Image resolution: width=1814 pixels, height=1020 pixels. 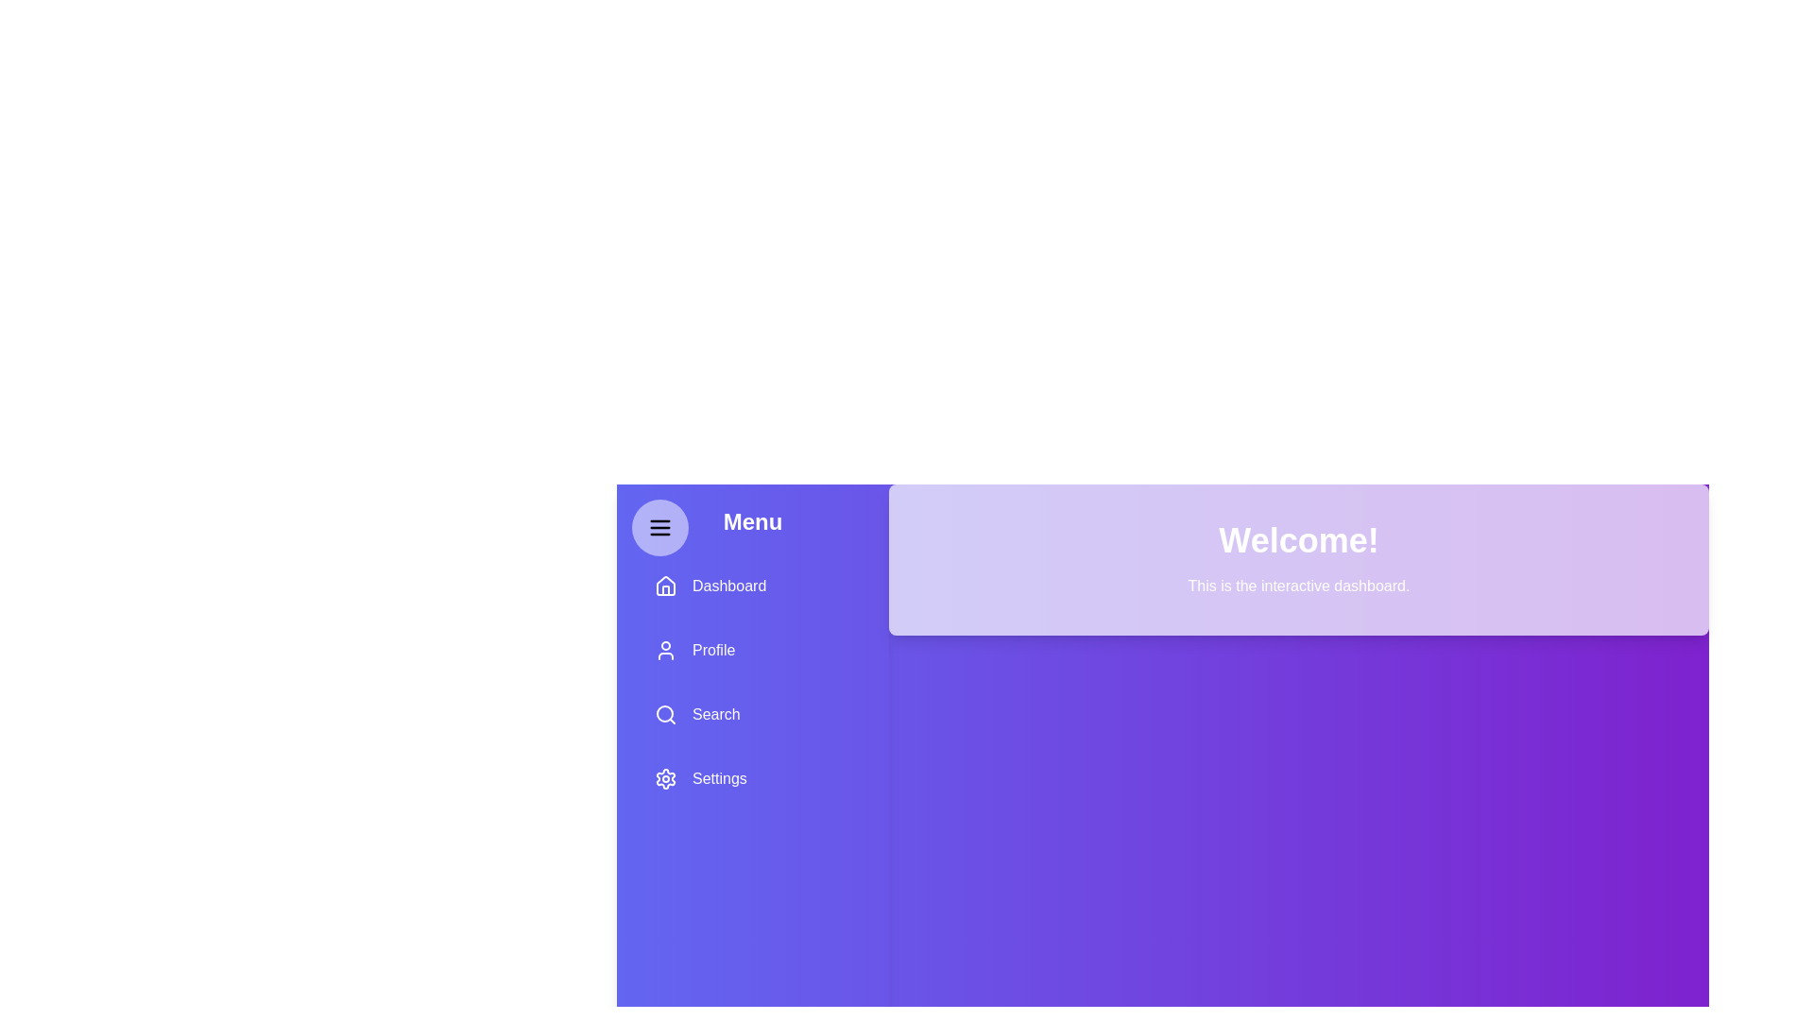 What do you see at coordinates (751, 650) in the screenshot?
I see `the menu item Profile to observe its hover effect` at bounding box center [751, 650].